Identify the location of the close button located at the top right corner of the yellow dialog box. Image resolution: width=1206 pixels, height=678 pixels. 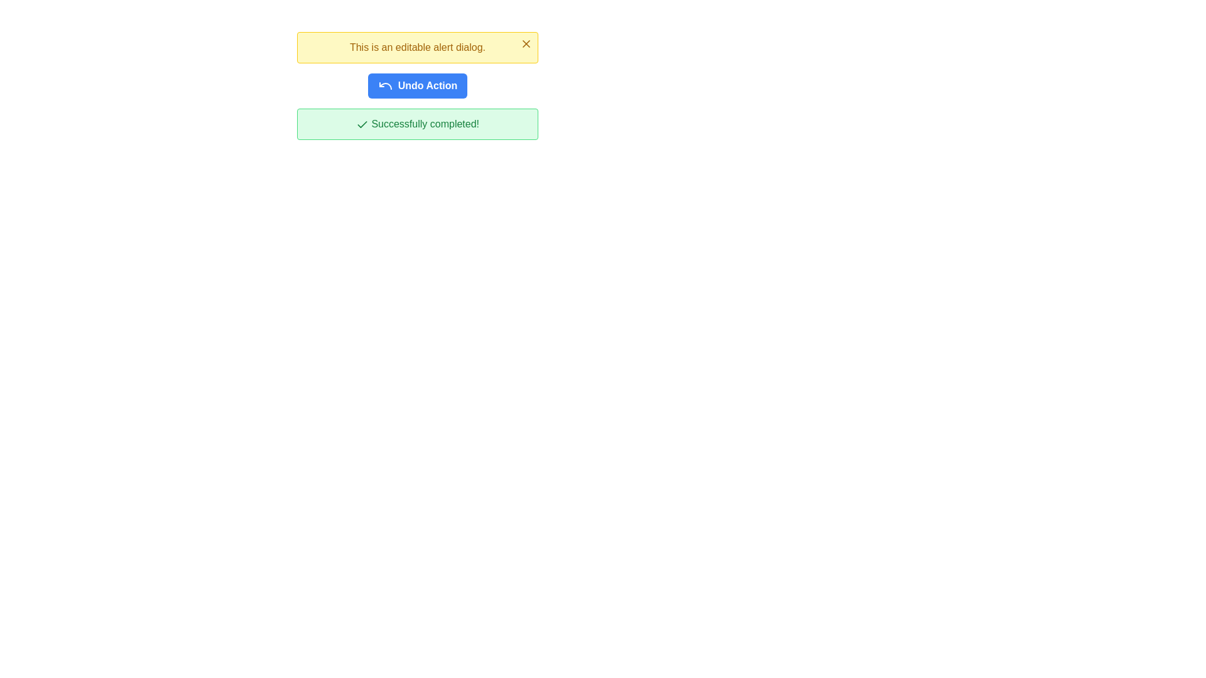
(526, 43).